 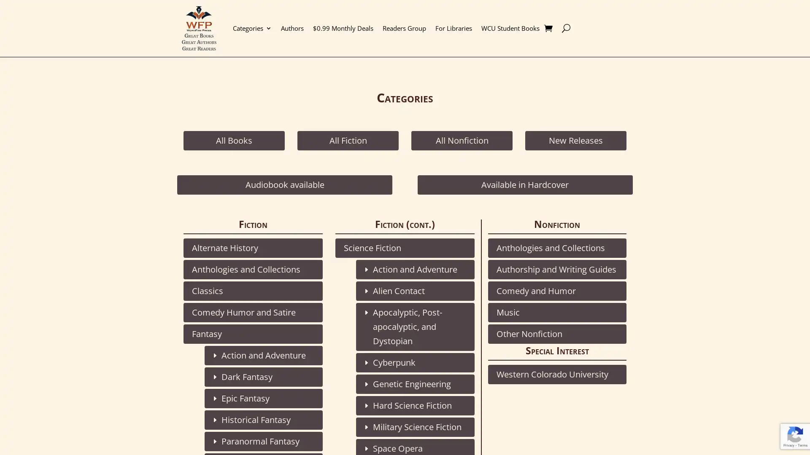 What do you see at coordinates (565, 27) in the screenshot?
I see `U` at bounding box center [565, 27].